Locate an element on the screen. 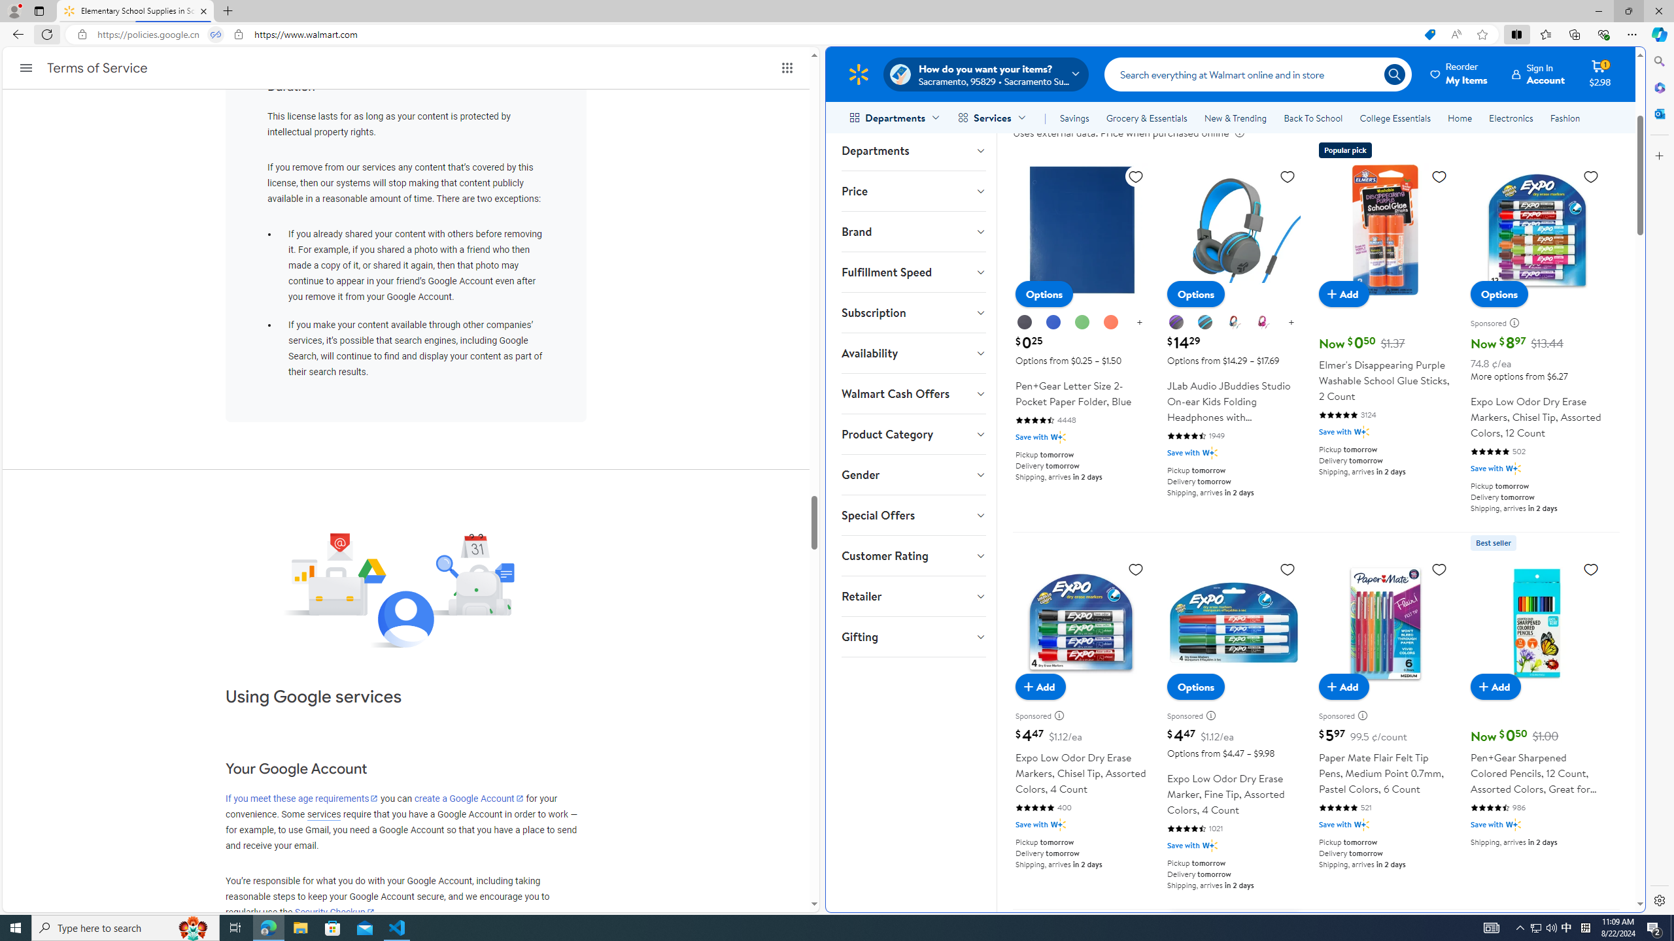 The width and height of the screenshot is (1674, 941). 'Fashion' is located at coordinates (1564, 118).